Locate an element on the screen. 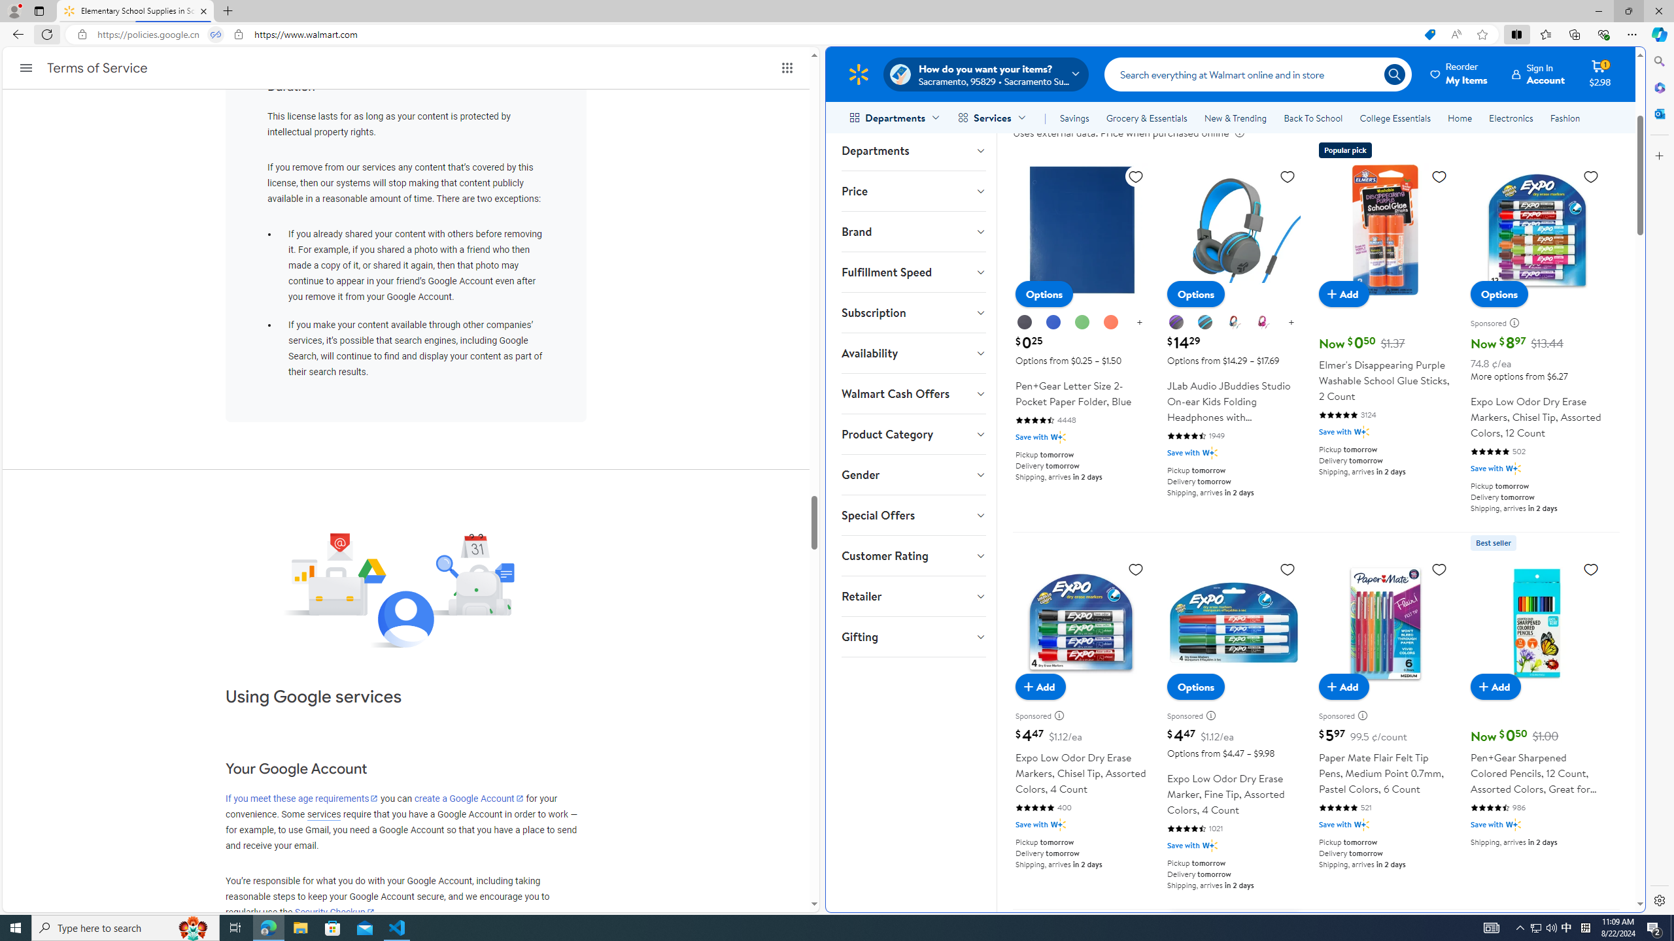 The width and height of the screenshot is (1674, 941). 'Fashion' is located at coordinates (1564, 118).